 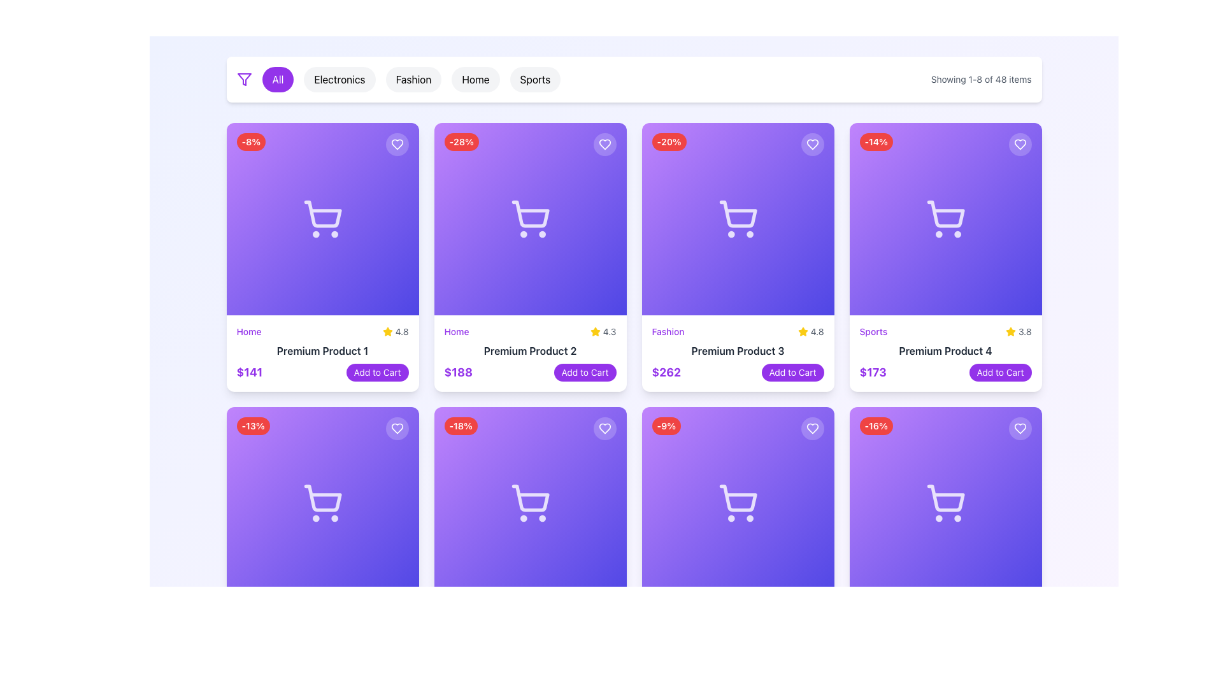 I want to click on product details from the product card located in the top-left corner of the grid layout, so click(x=322, y=257).